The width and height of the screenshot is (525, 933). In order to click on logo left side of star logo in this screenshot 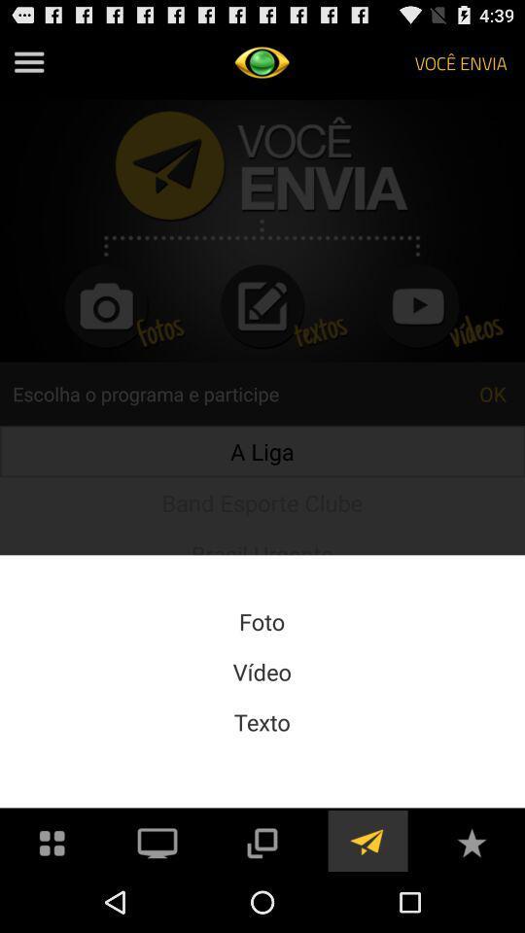, I will do `click(367, 840)`.